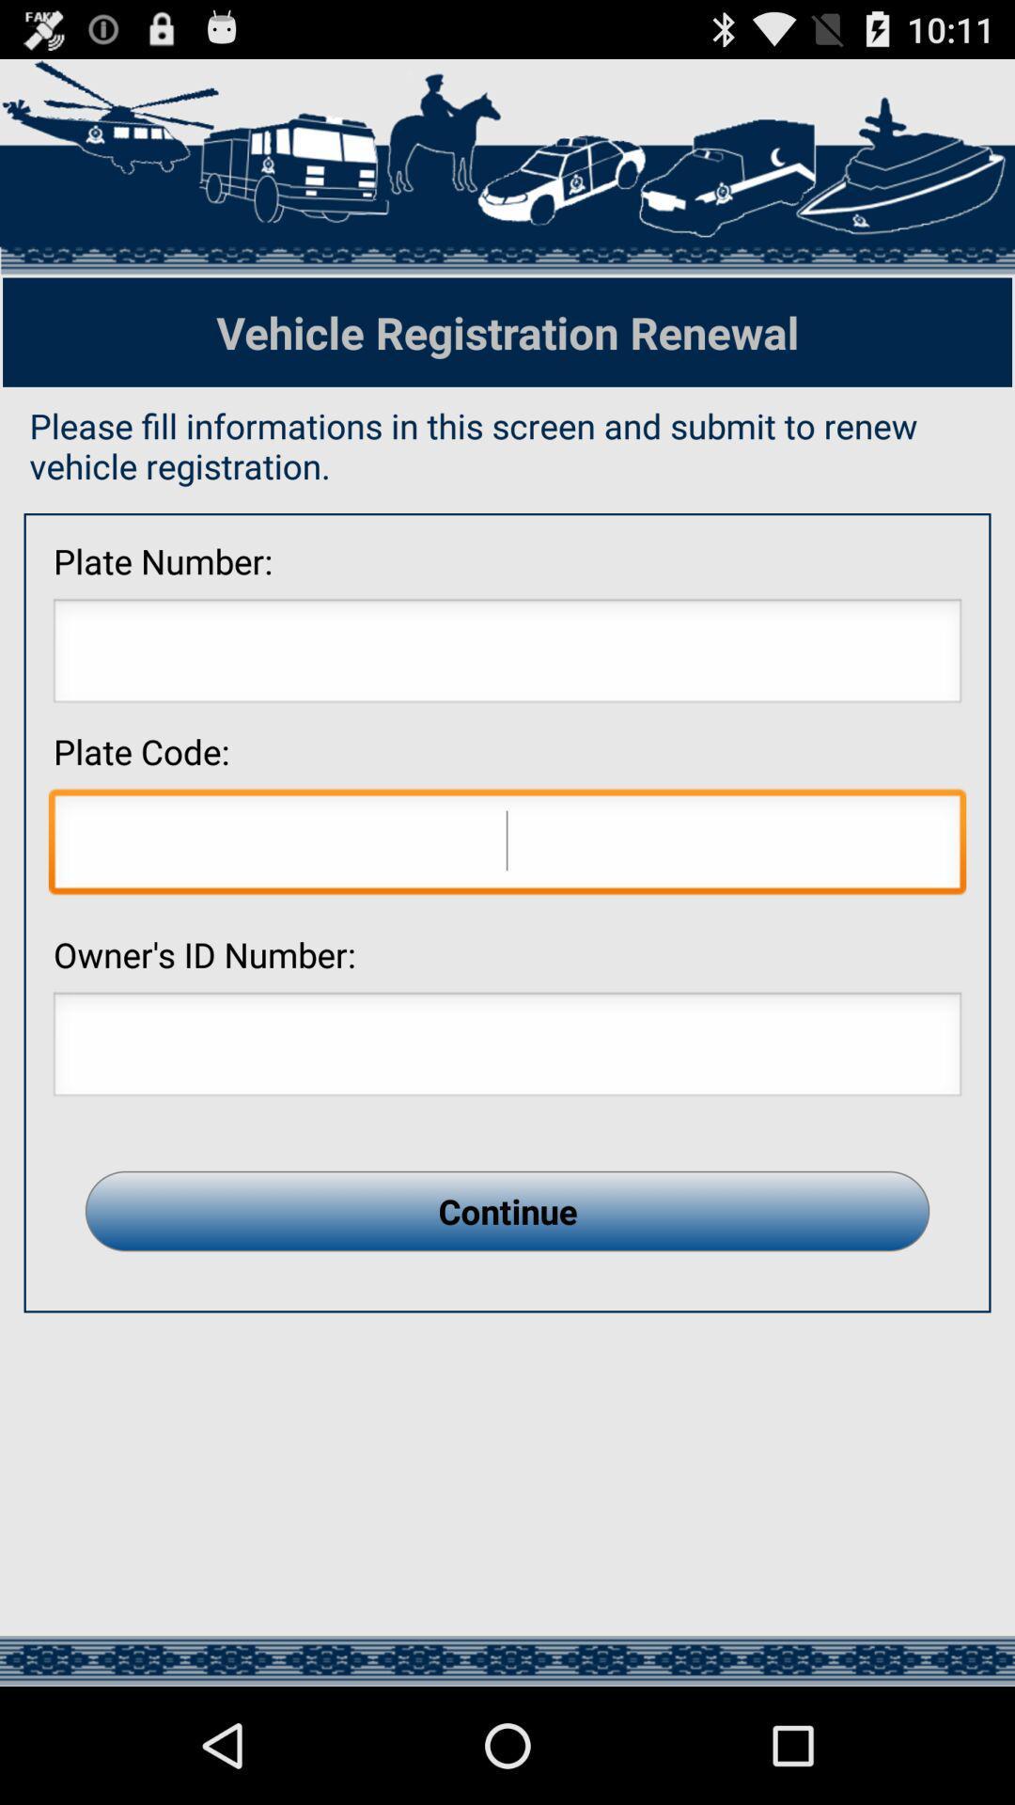 This screenshot has height=1805, width=1015. I want to click on owner 's id number, so click(507, 1048).